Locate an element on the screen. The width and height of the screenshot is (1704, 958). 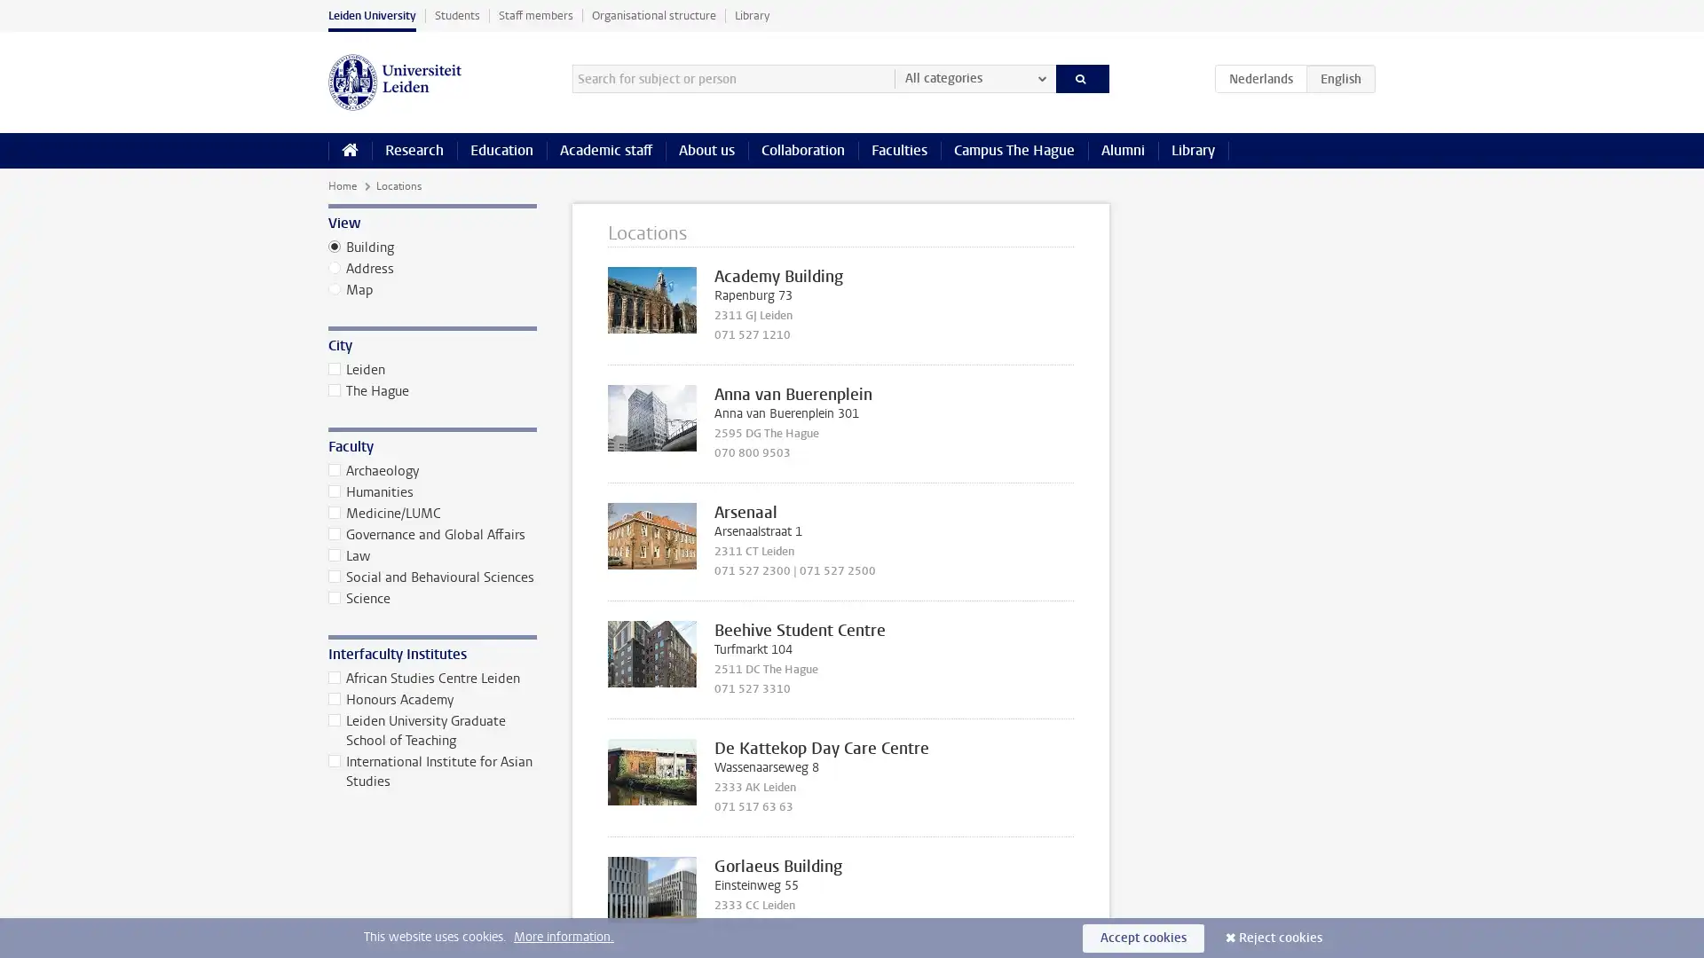
Accept cookies is located at coordinates (1143, 937).